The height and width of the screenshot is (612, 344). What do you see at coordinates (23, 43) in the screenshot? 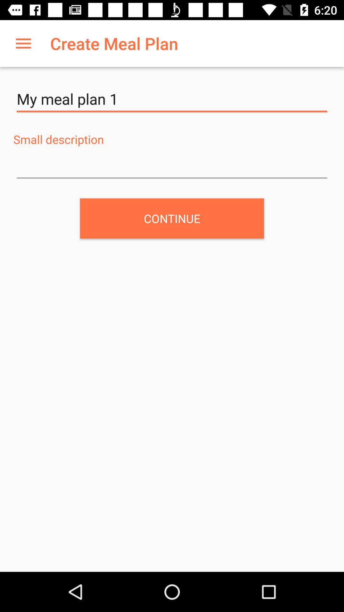
I see `icon to the left of the create meal plan app` at bounding box center [23, 43].